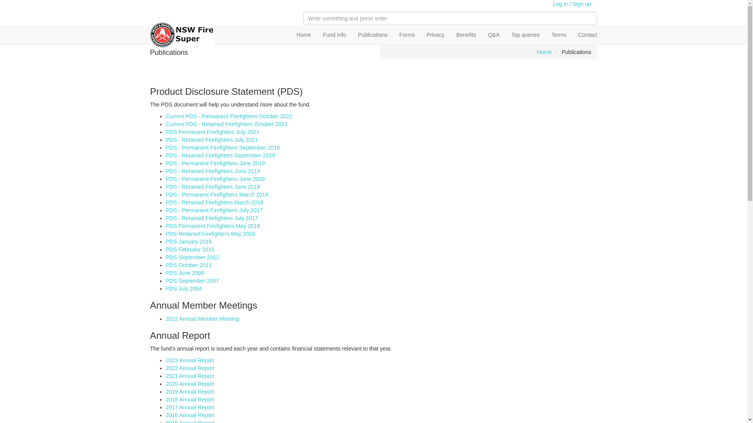 This screenshot has height=423, width=753. What do you see at coordinates (334, 34) in the screenshot?
I see `'Fund Info'` at bounding box center [334, 34].